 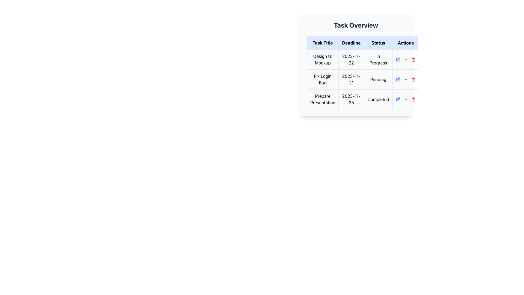 I want to click on the individual icons within the Button Group located in the fourth cell of the row titled 'Fix Login Bug' in the 'Actions' column, so click(x=406, y=79).